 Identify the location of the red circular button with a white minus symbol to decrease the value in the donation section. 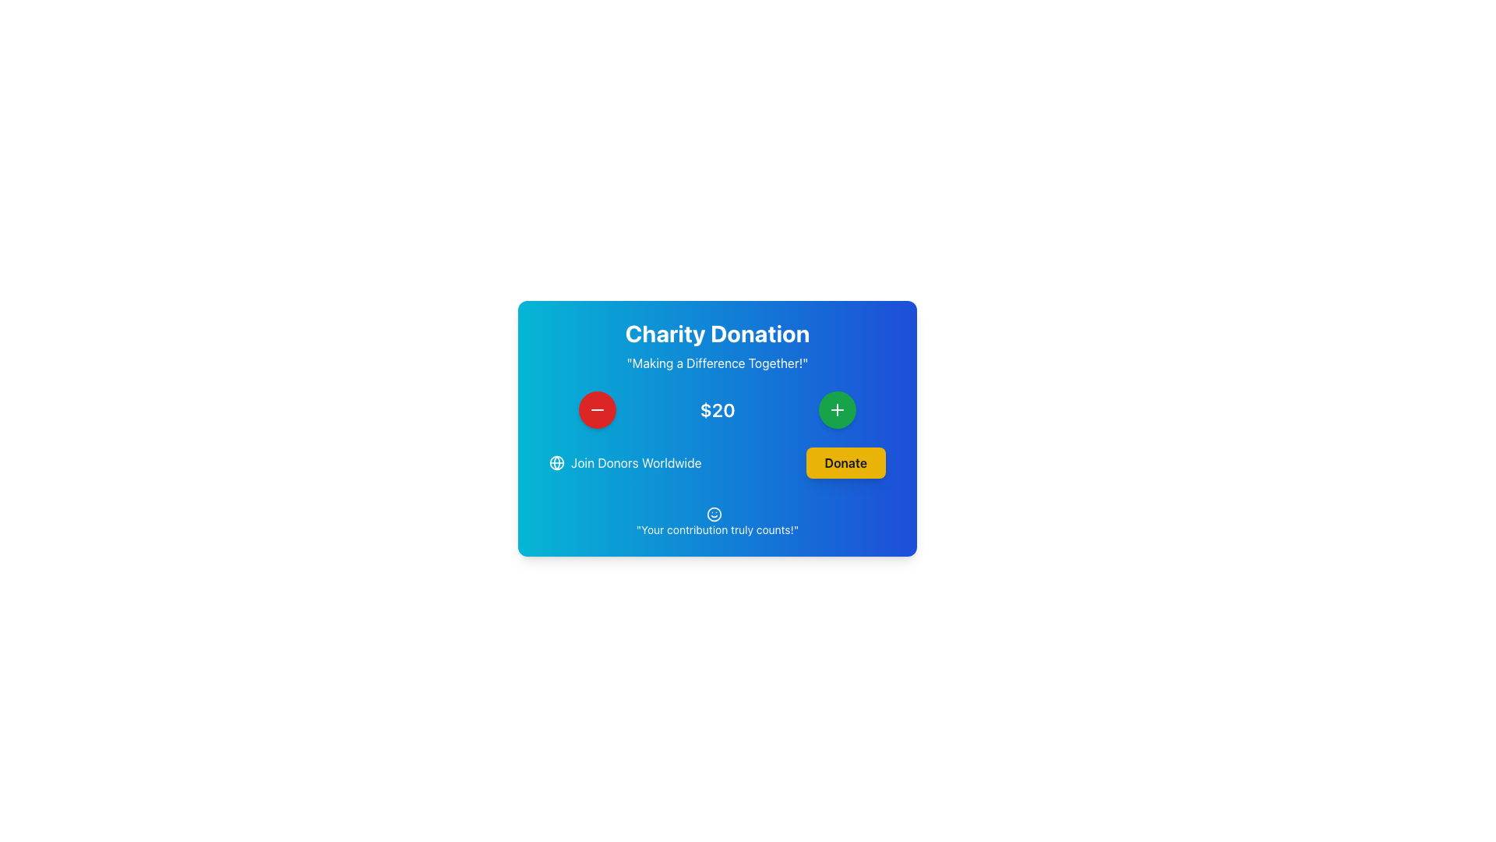
(596, 409).